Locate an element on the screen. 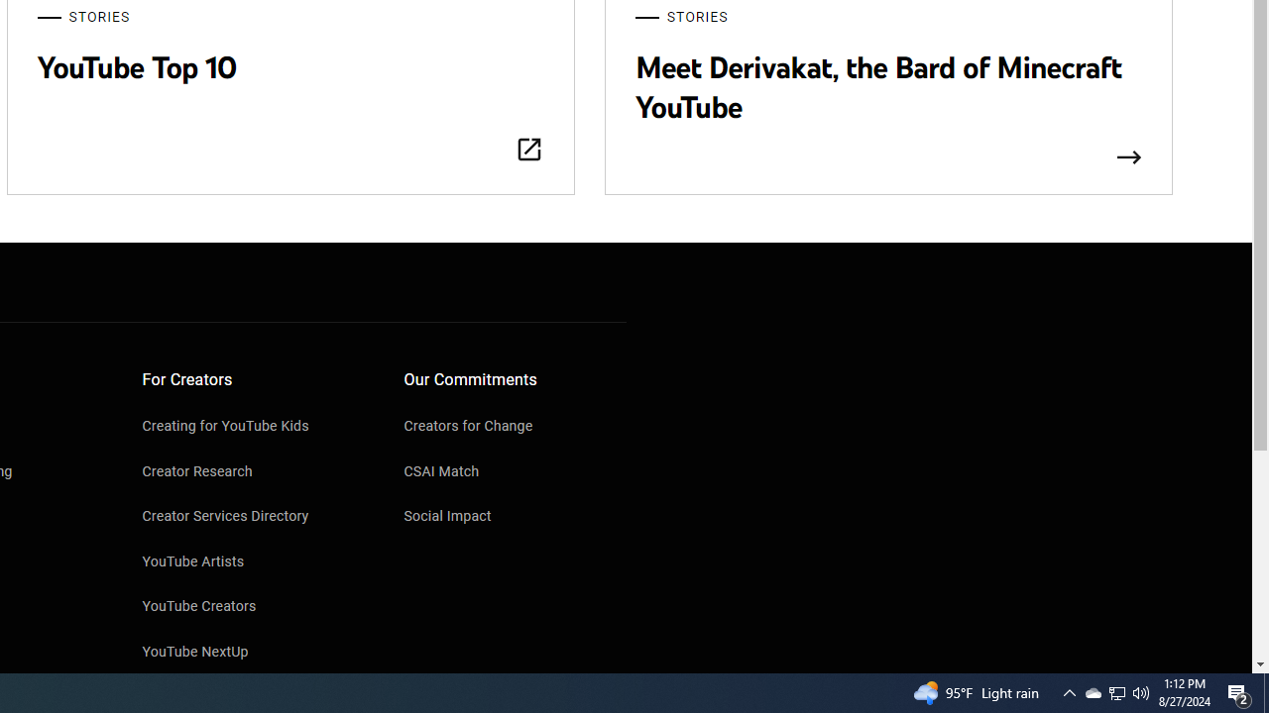 This screenshot has height=713, width=1269. 'YouTube NextUp' is located at coordinates (253, 653).